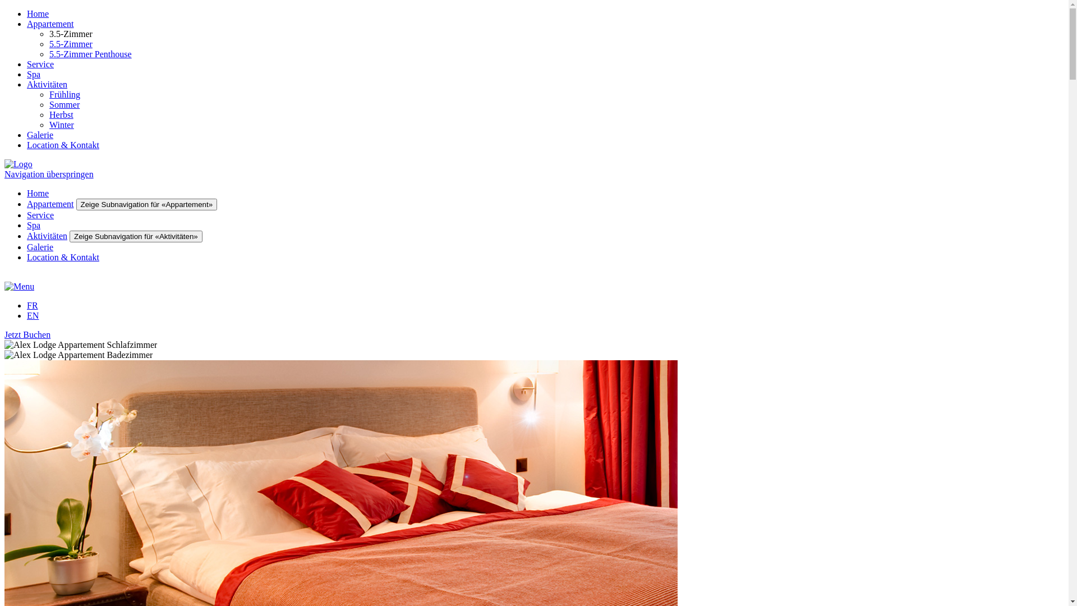 The image size is (1077, 606). What do you see at coordinates (40, 215) in the screenshot?
I see `'Service'` at bounding box center [40, 215].